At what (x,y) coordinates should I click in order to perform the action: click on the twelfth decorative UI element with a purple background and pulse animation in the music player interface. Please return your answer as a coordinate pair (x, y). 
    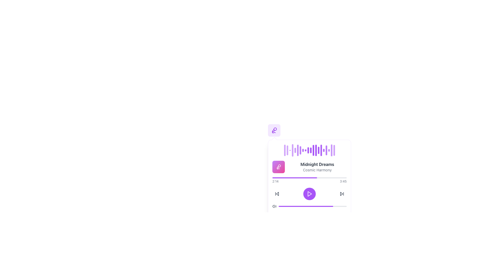
    Looking at the image, I should click on (313, 150).